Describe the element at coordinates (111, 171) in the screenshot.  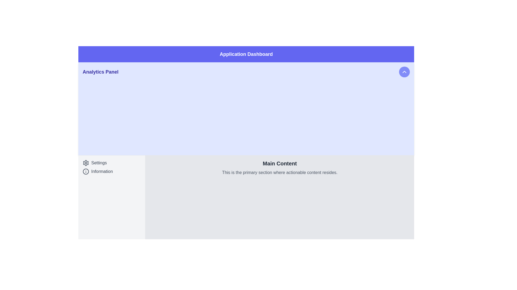
I see `the Navigation link labeled 'Information' which features a circular icon with a small 'i', positioned below the 'Settings' element in the vertical stack on the left-hand side of the interface` at that location.